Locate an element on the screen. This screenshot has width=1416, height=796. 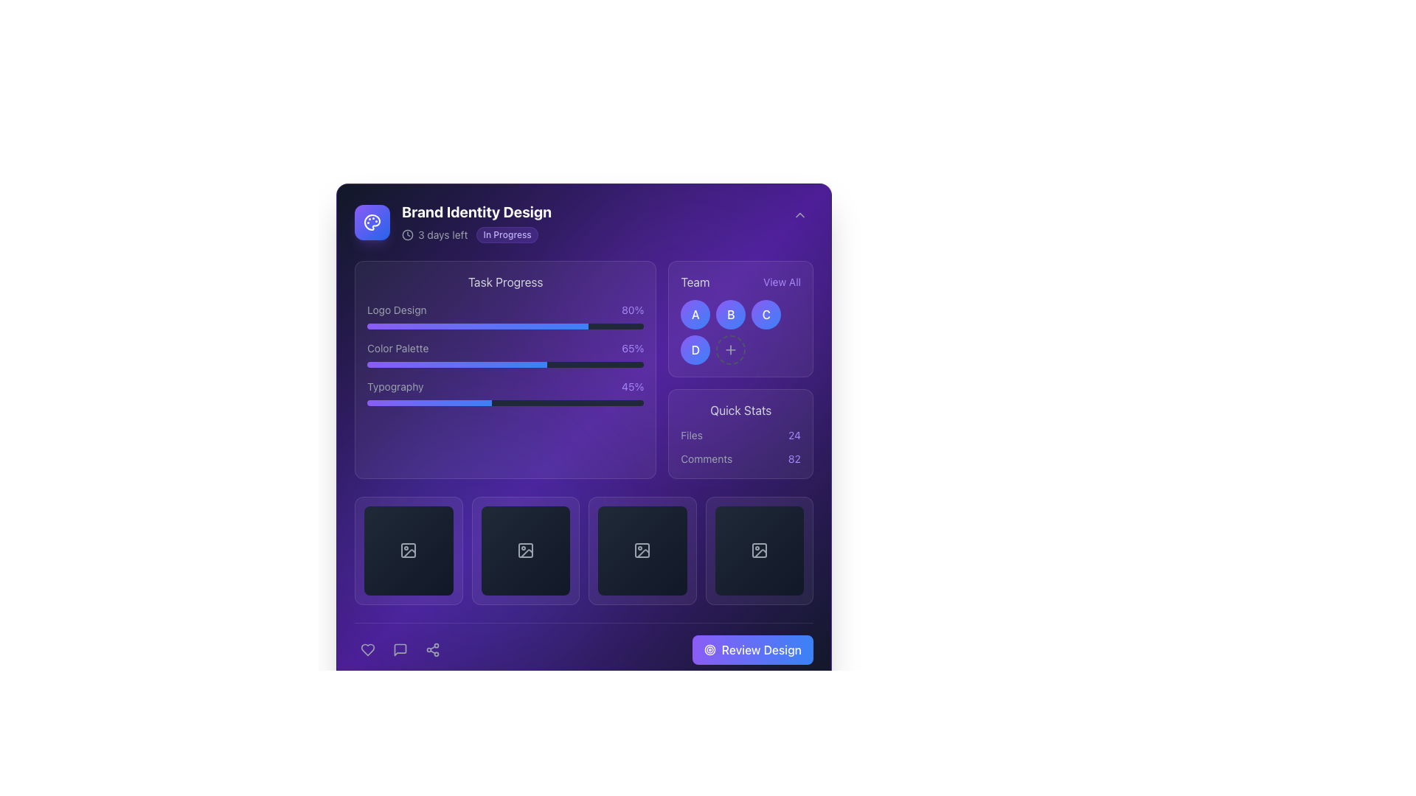
the third placeholder icon representing a mountain and sun/moon, located in the bottom section of the interface is located at coordinates (643, 554).